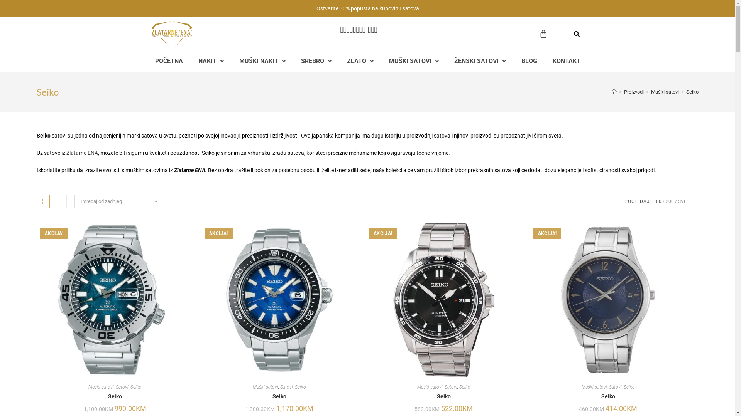  Describe the element at coordinates (634, 91) in the screenshot. I see `'Proizvodi'` at that location.